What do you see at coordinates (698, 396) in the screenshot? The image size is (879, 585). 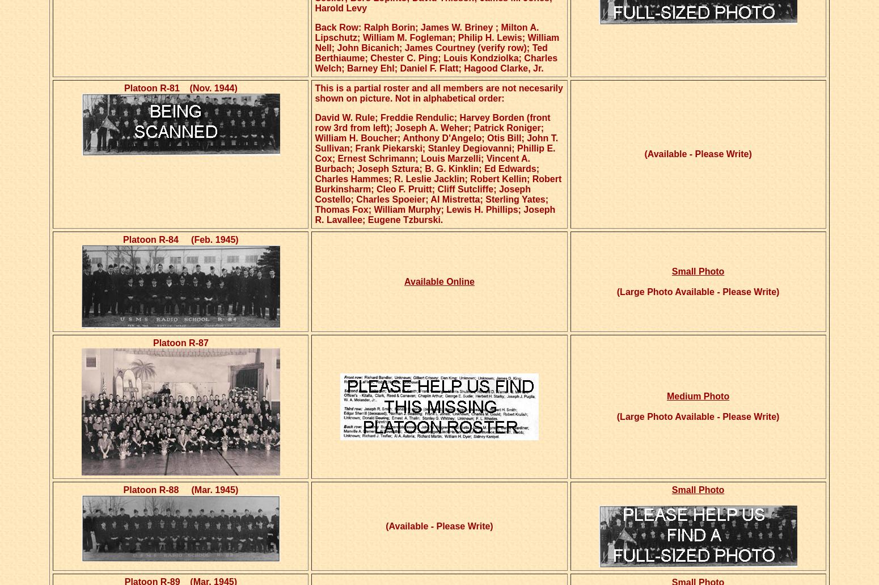 I see `'Medium 
                
                Photo'` at bounding box center [698, 396].